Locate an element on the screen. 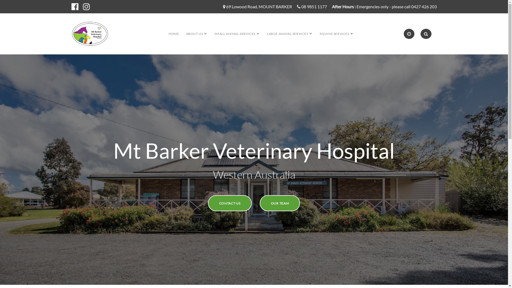 The height and width of the screenshot is (288, 512). 'SMALL ANIMAL SERVICES' is located at coordinates (235, 34).